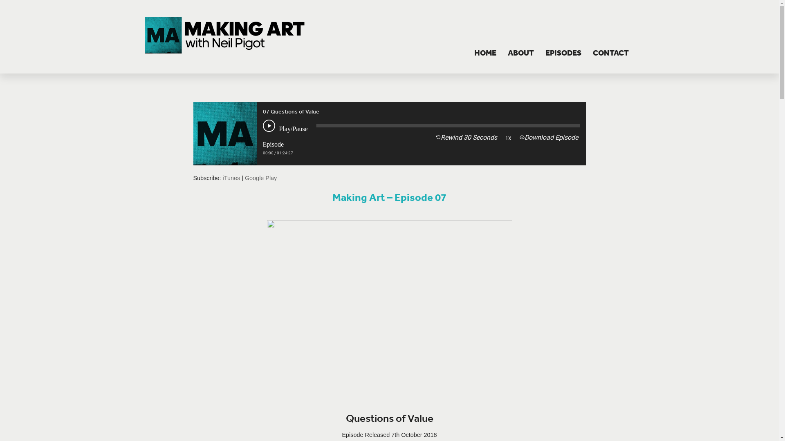 The height and width of the screenshot is (441, 785). I want to click on 'Google Play', so click(260, 177).